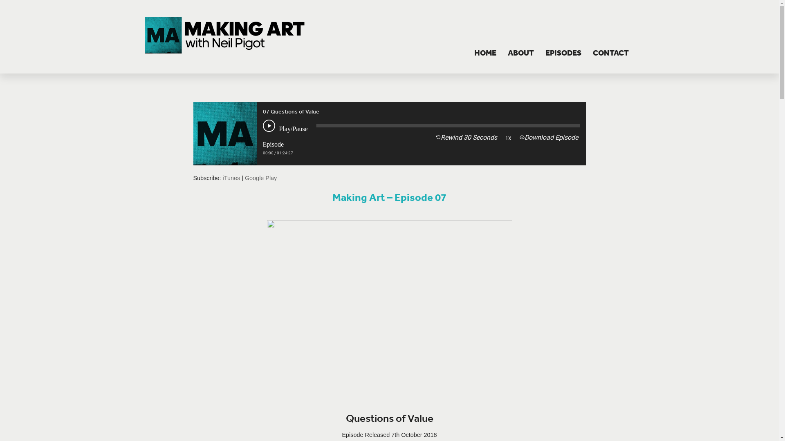 The height and width of the screenshot is (441, 785). I want to click on 'Google Play', so click(260, 177).